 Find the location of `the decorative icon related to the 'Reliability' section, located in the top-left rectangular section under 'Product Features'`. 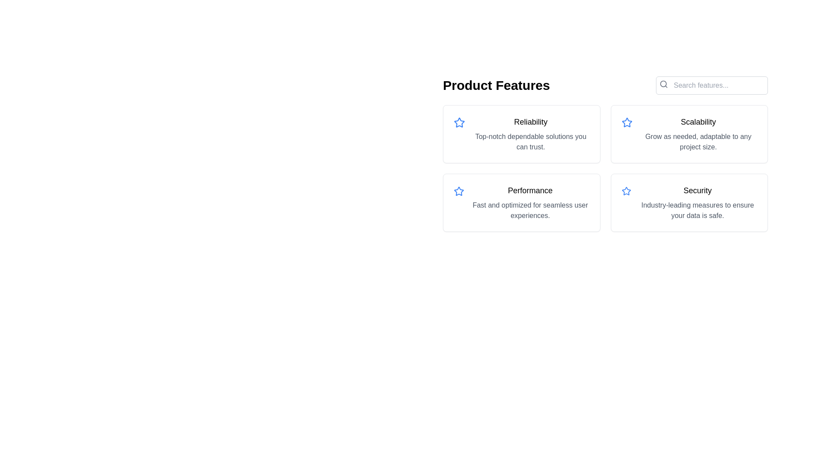

the decorative icon related to the 'Reliability' section, located in the top-left rectangular section under 'Product Features' is located at coordinates (459, 122).